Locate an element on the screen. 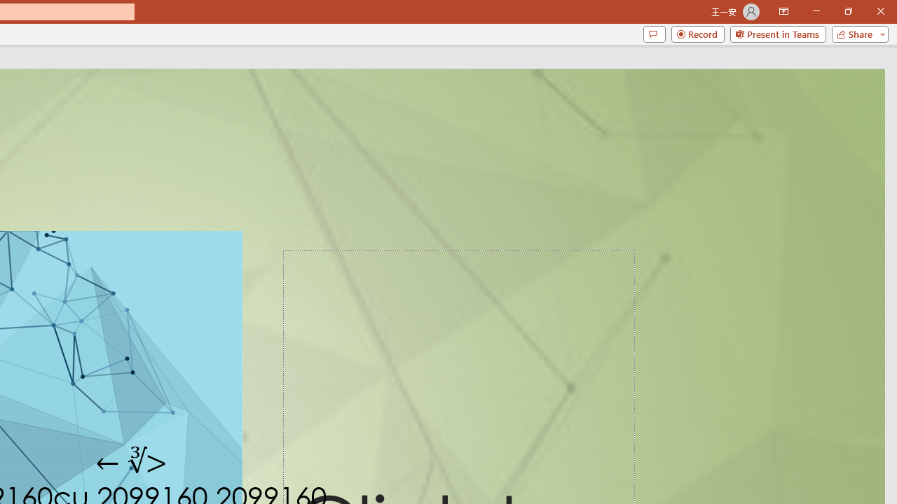  'Minimize' is located at coordinates (816, 11).